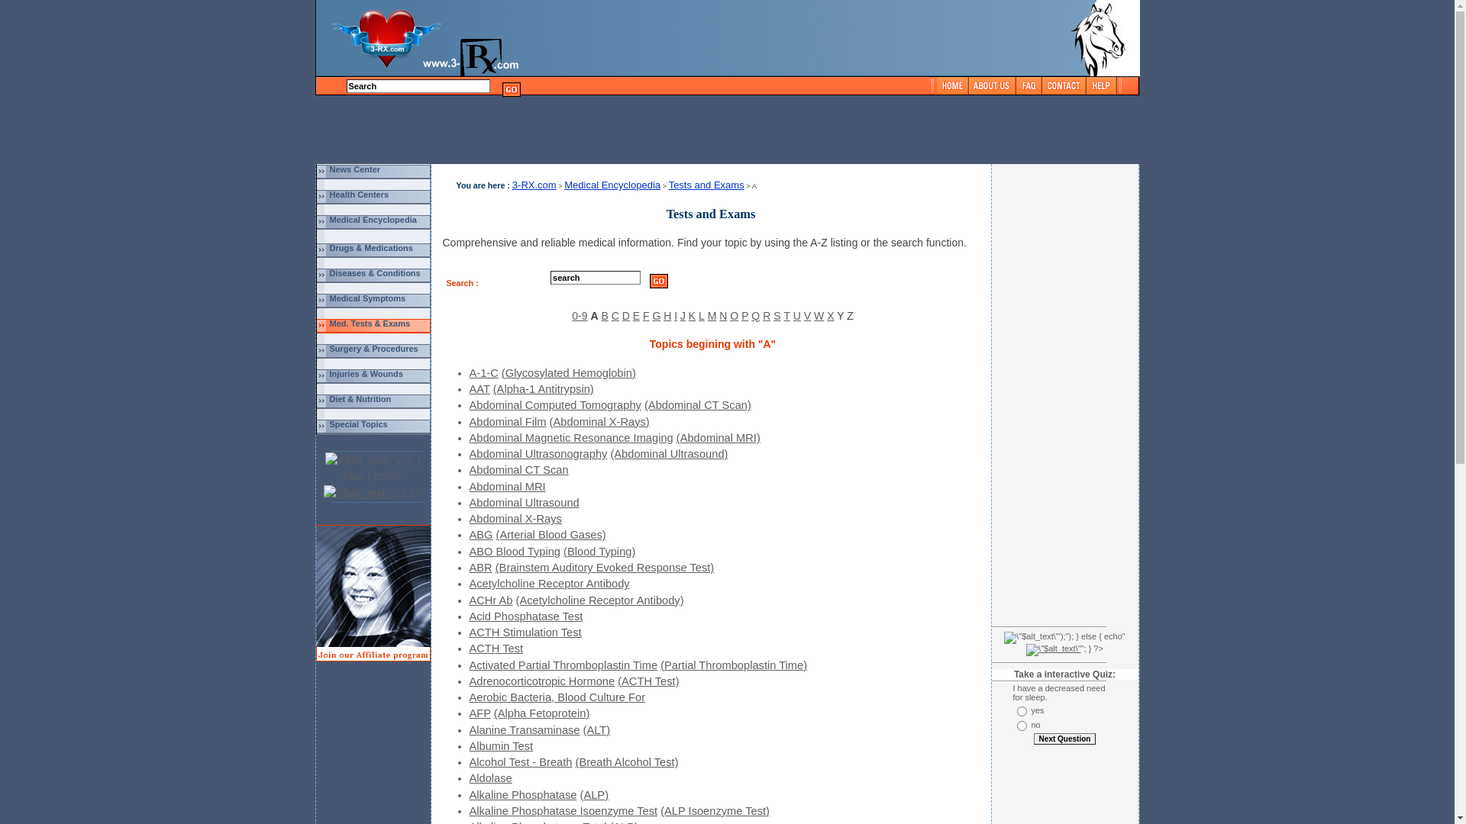 The width and height of the screenshot is (1466, 824). I want to click on '(Breath Alcohol Test)', so click(627, 762).